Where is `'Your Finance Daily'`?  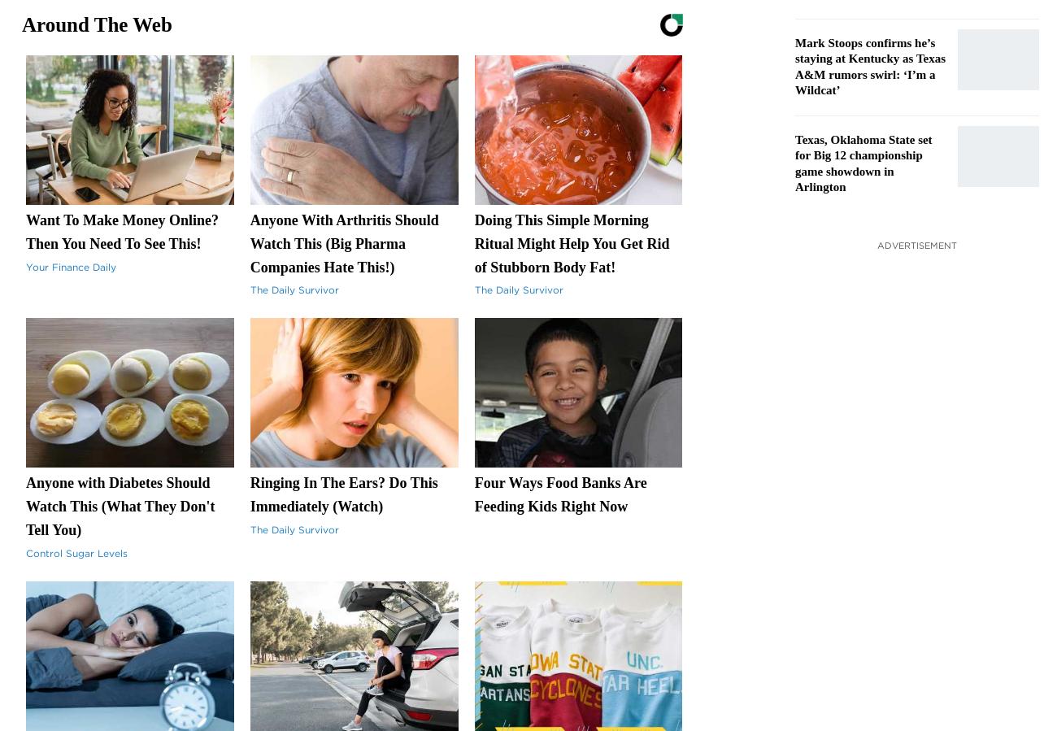
'Your Finance Daily' is located at coordinates (71, 265).